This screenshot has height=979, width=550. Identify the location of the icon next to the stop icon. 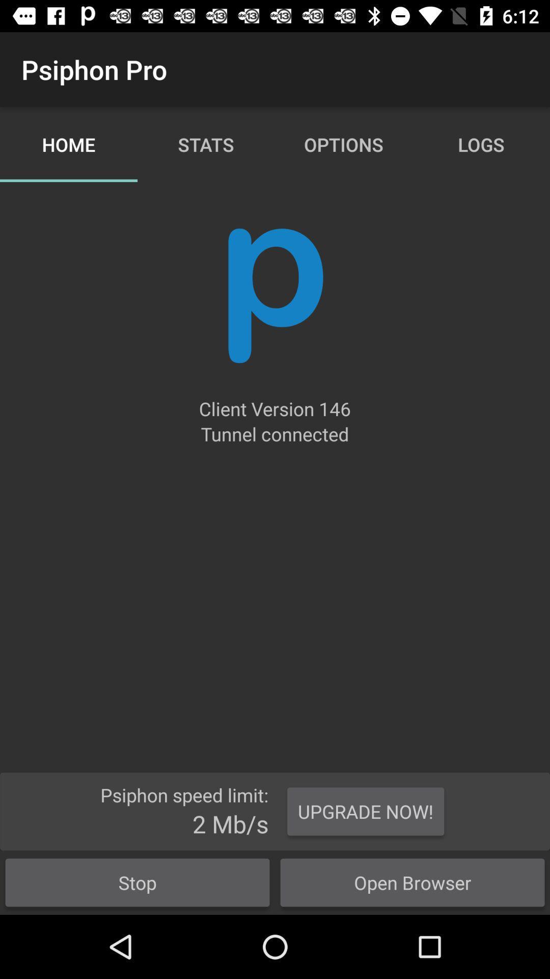
(413, 882).